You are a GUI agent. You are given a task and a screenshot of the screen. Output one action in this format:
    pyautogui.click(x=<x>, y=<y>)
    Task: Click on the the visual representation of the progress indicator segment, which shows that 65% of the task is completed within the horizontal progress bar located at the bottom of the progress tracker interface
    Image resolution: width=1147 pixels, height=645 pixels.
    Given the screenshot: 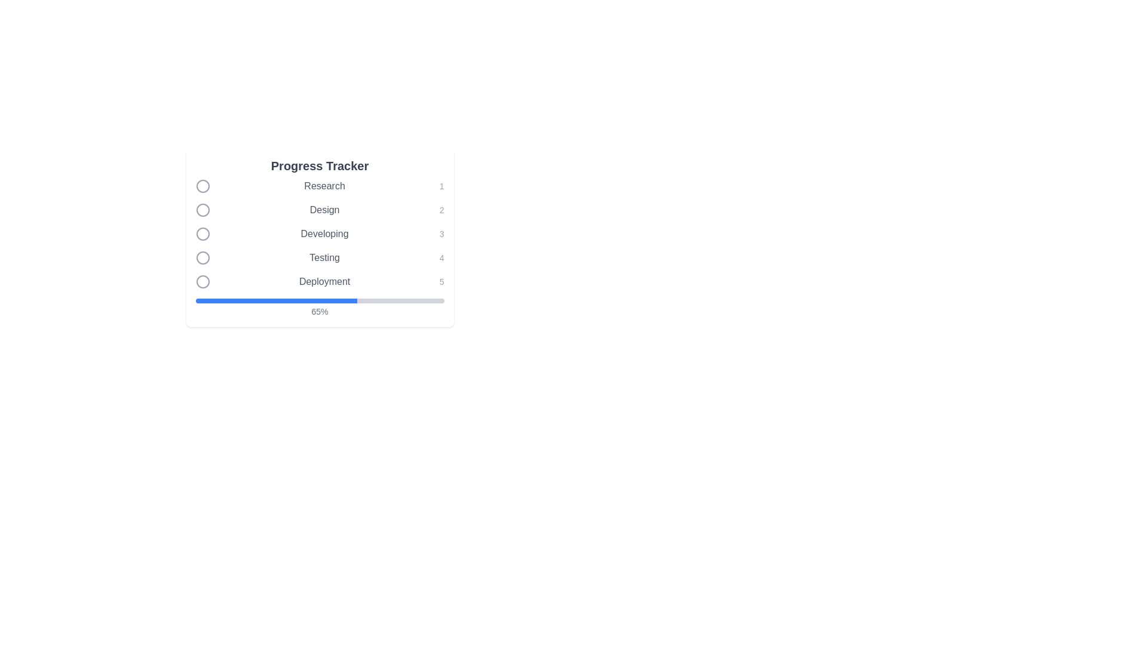 What is the action you would take?
    pyautogui.click(x=275, y=300)
    